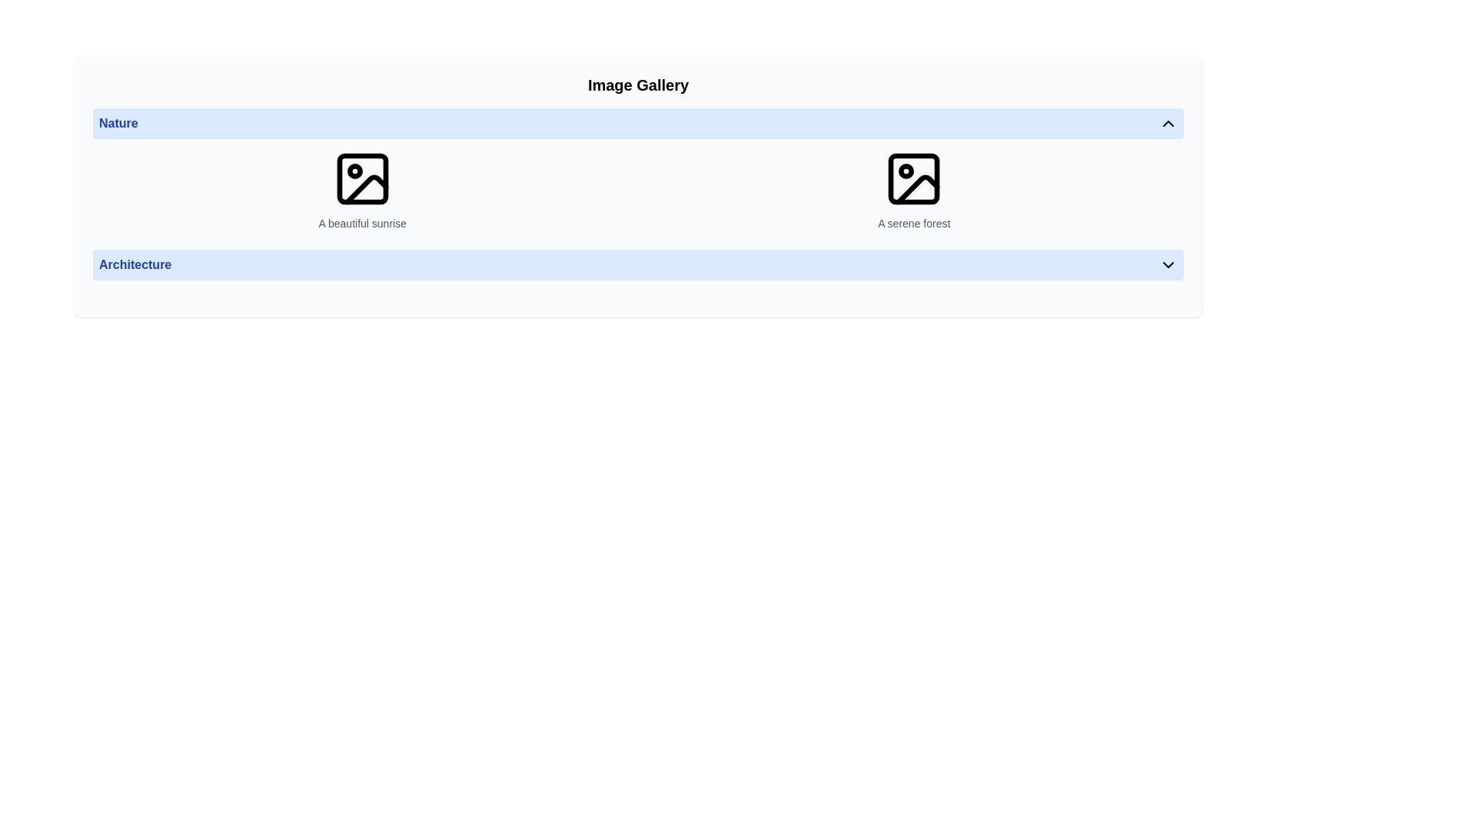 Image resolution: width=1476 pixels, height=830 pixels. I want to click on contextual information provided by the text element located beneath the second image in the 'Nature' section of the image gallery, so click(914, 223).